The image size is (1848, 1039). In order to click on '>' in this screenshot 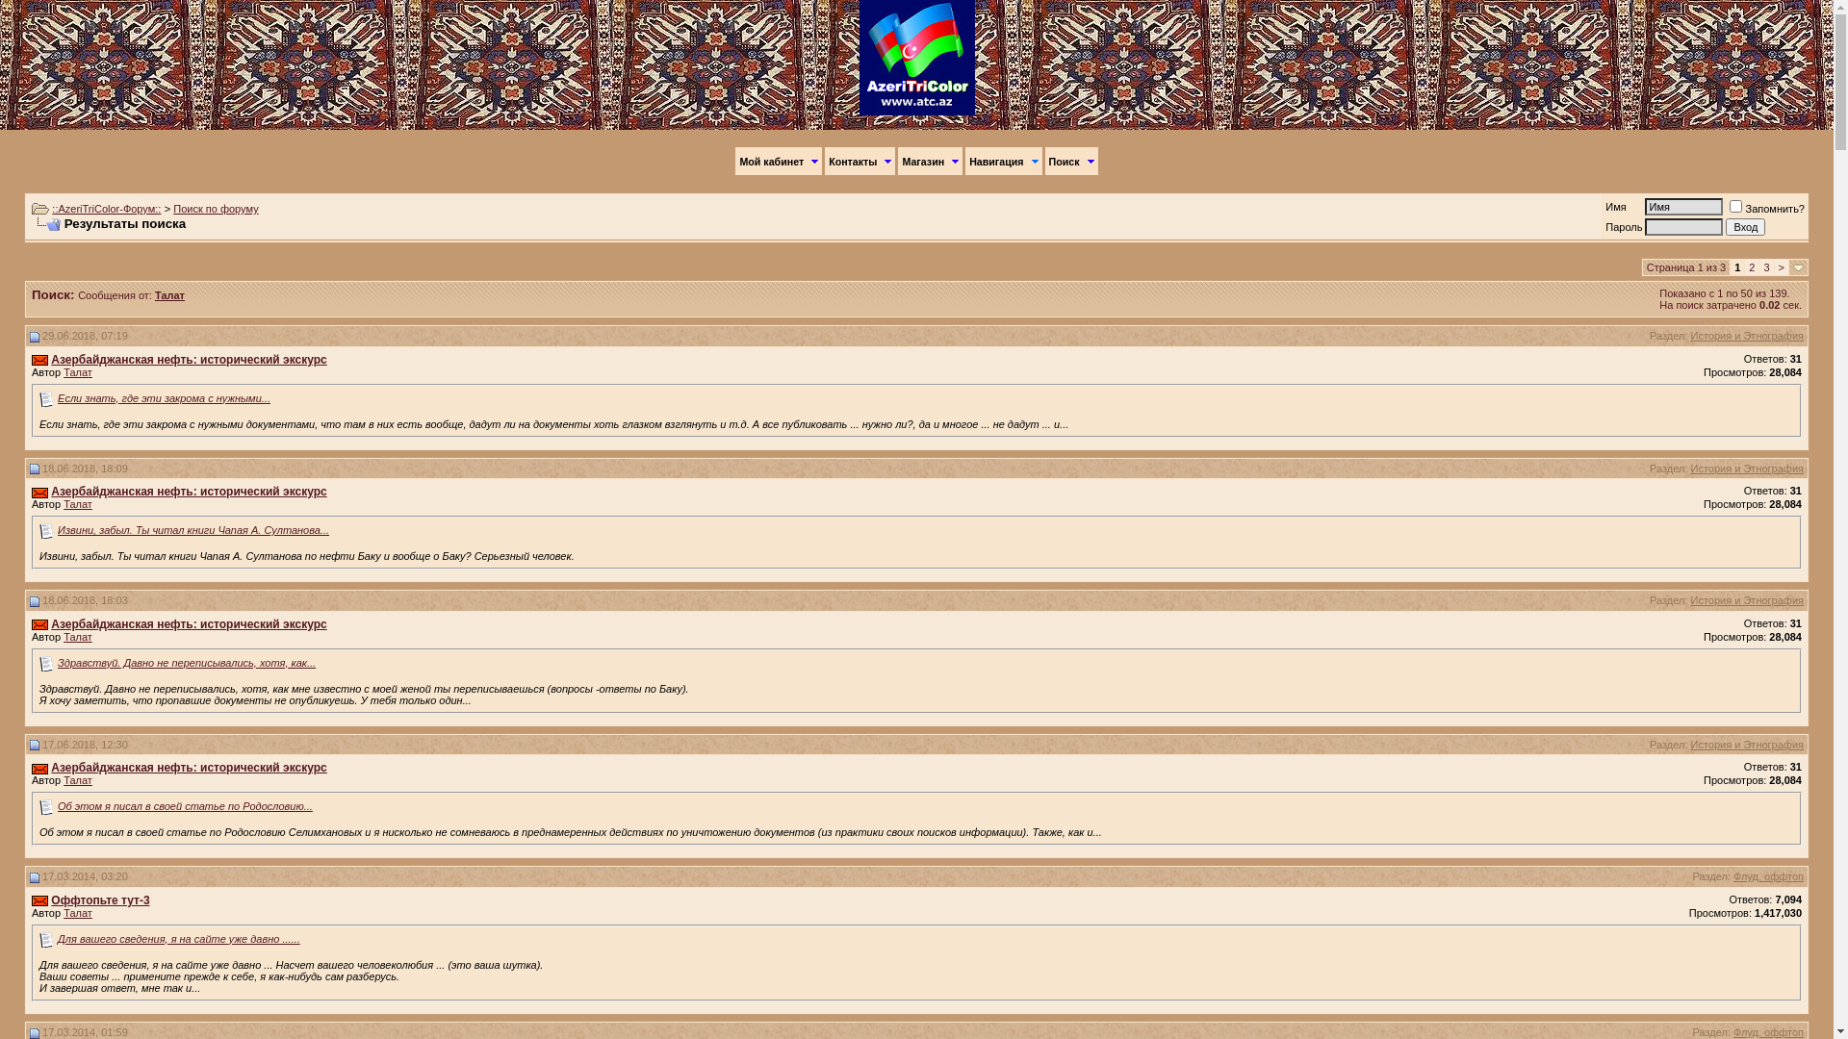, I will do `click(1781, 266)`.